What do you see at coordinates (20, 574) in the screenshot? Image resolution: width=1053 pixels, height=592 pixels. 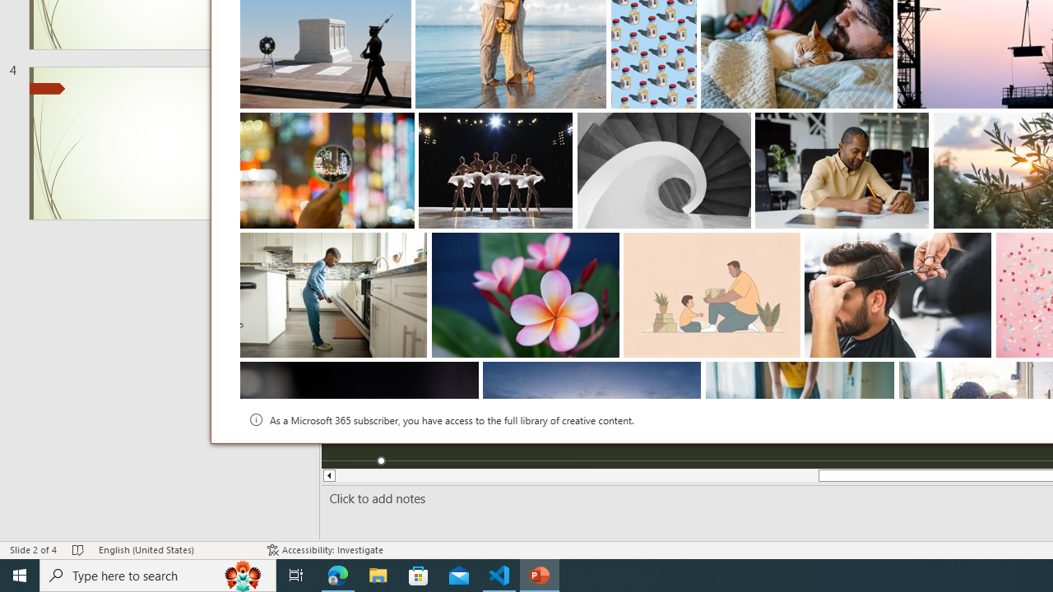 I see `'Start'` at bounding box center [20, 574].